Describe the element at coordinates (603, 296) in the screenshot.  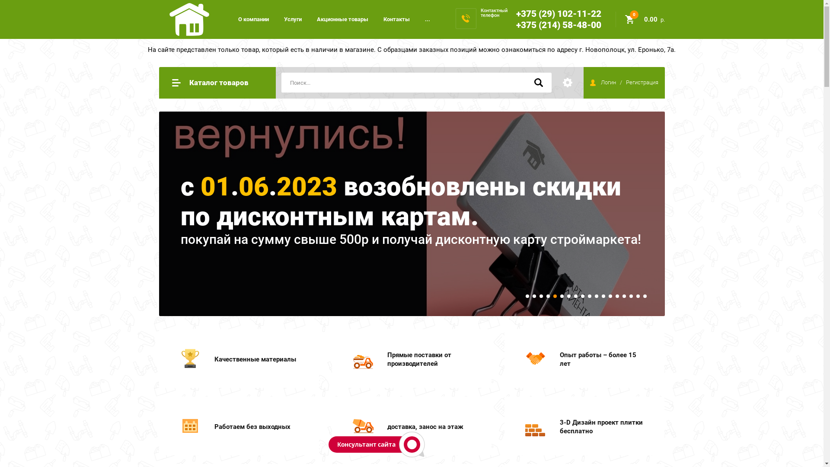
I see `'12'` at that location.